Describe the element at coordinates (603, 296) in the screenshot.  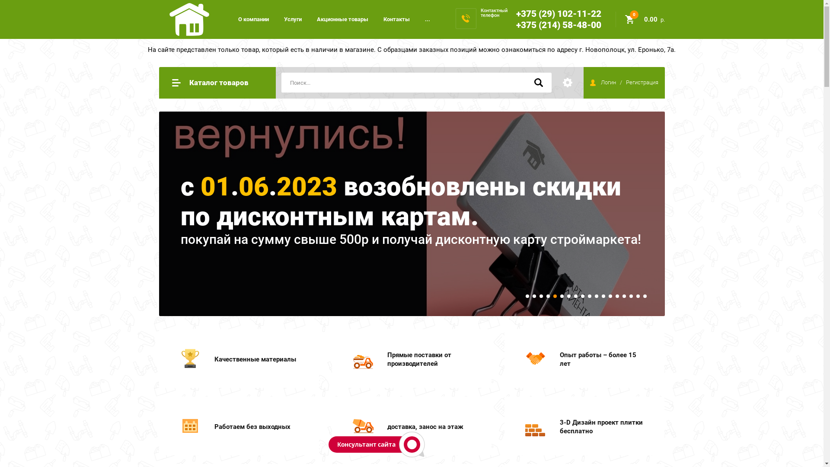
I see `'12'` at that location.